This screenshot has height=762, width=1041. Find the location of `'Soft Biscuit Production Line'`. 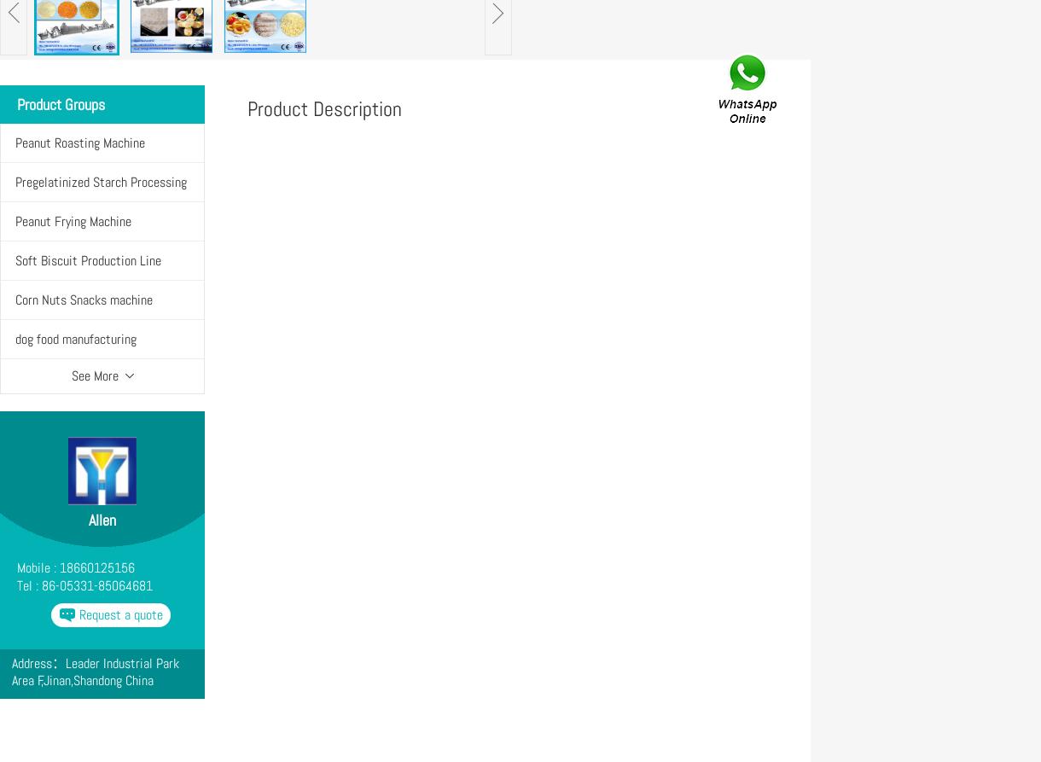

'Soft Biscuit Production Line' is located at coordinates (88, 260).